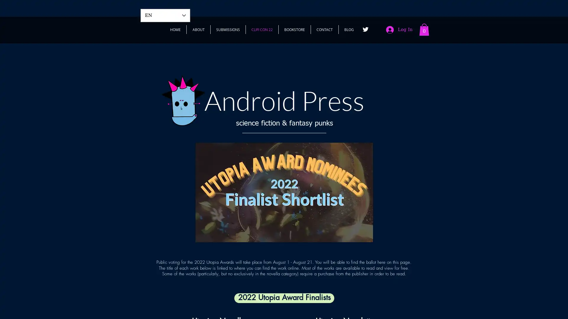 This screenshot has width=568, height=319. Describe the element at coordinates (424, 30) in the screenshot. I see `Cart with 0 items` at that location.